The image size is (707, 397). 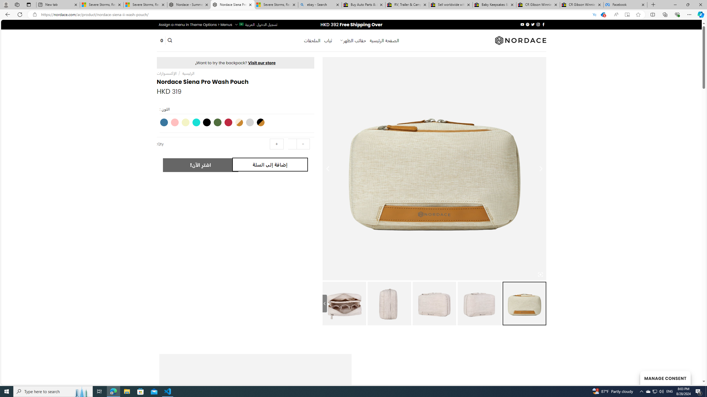 I want to click on 'Baby Keepsakes & Announcements for sale | eBay', so click(x=494, y=4).